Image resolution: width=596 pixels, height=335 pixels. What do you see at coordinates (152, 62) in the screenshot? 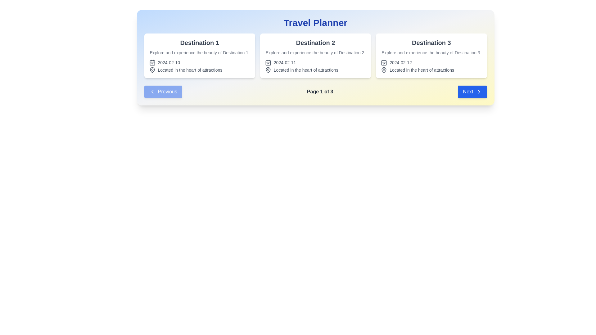
I see `the calendar icon with a check mark that is located adjacent to the text '2024-02-10' in the 'Destination 1' card` at bounding box center [152, 62].